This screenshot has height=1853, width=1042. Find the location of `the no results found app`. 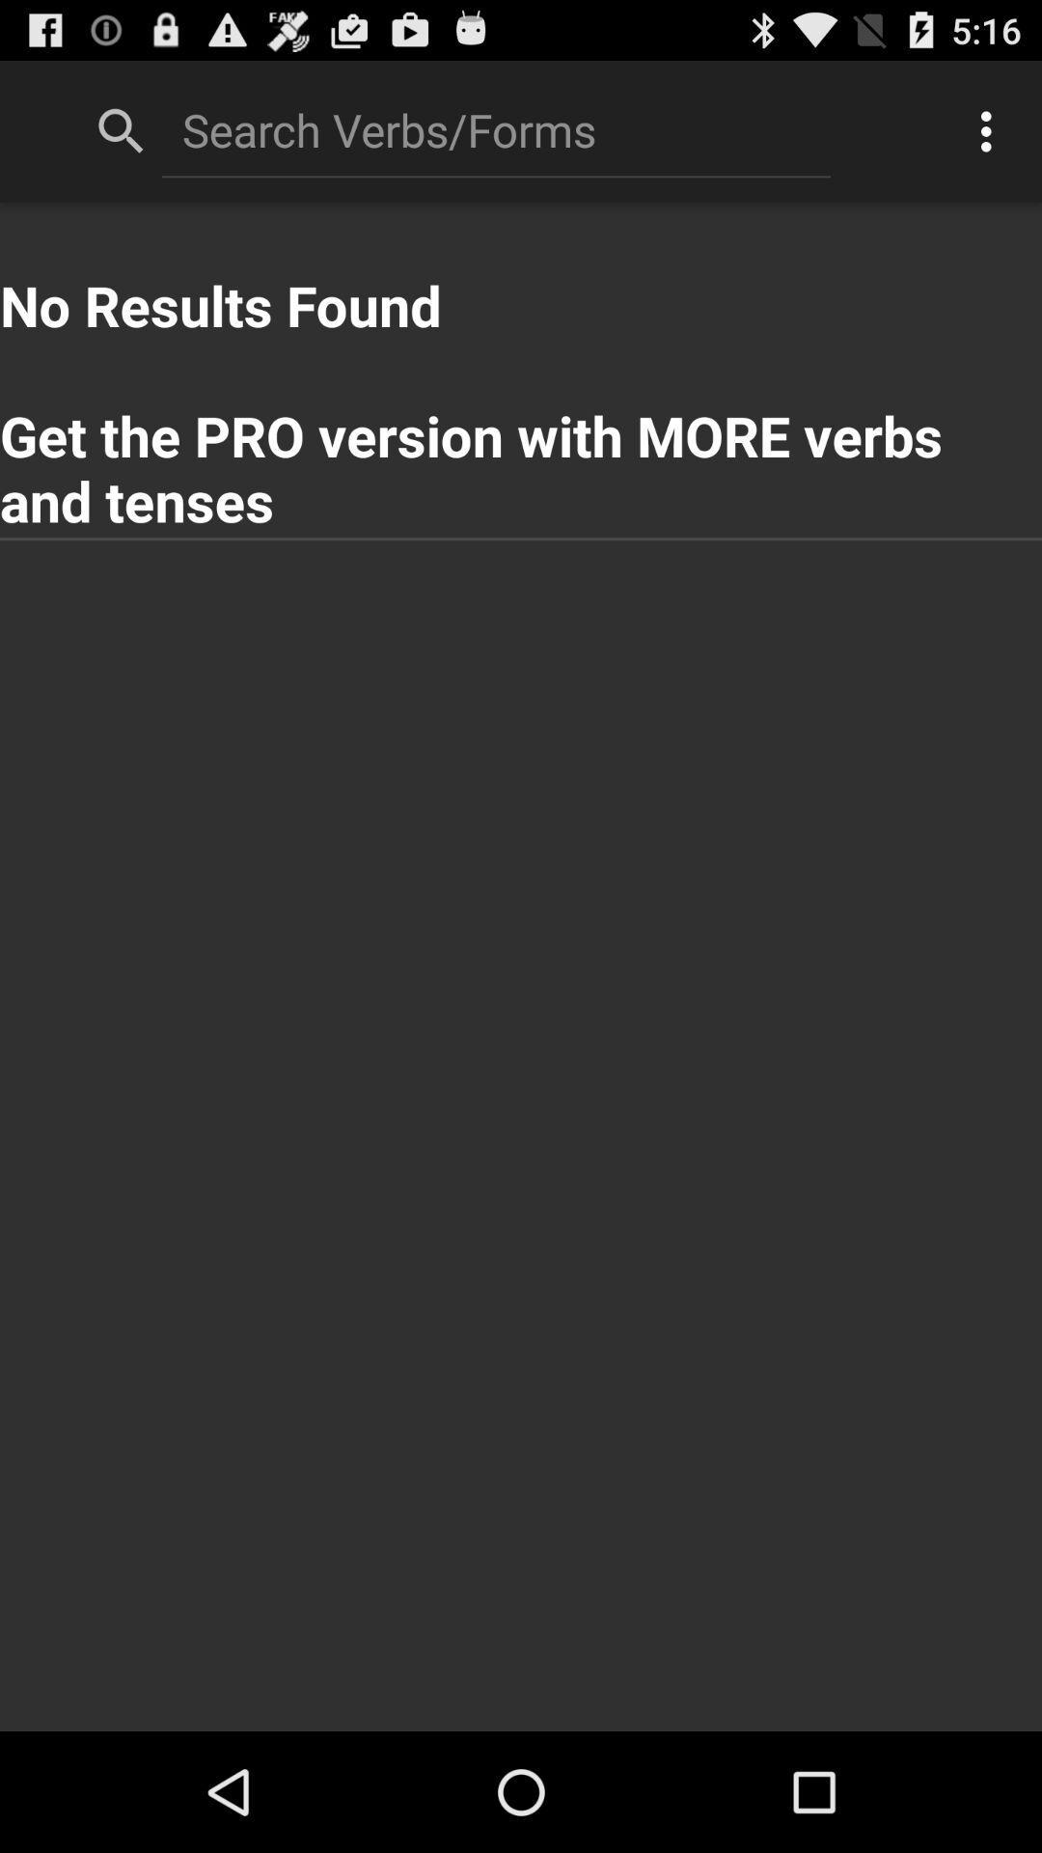

the no results found app is located at coordinates (521, 370).